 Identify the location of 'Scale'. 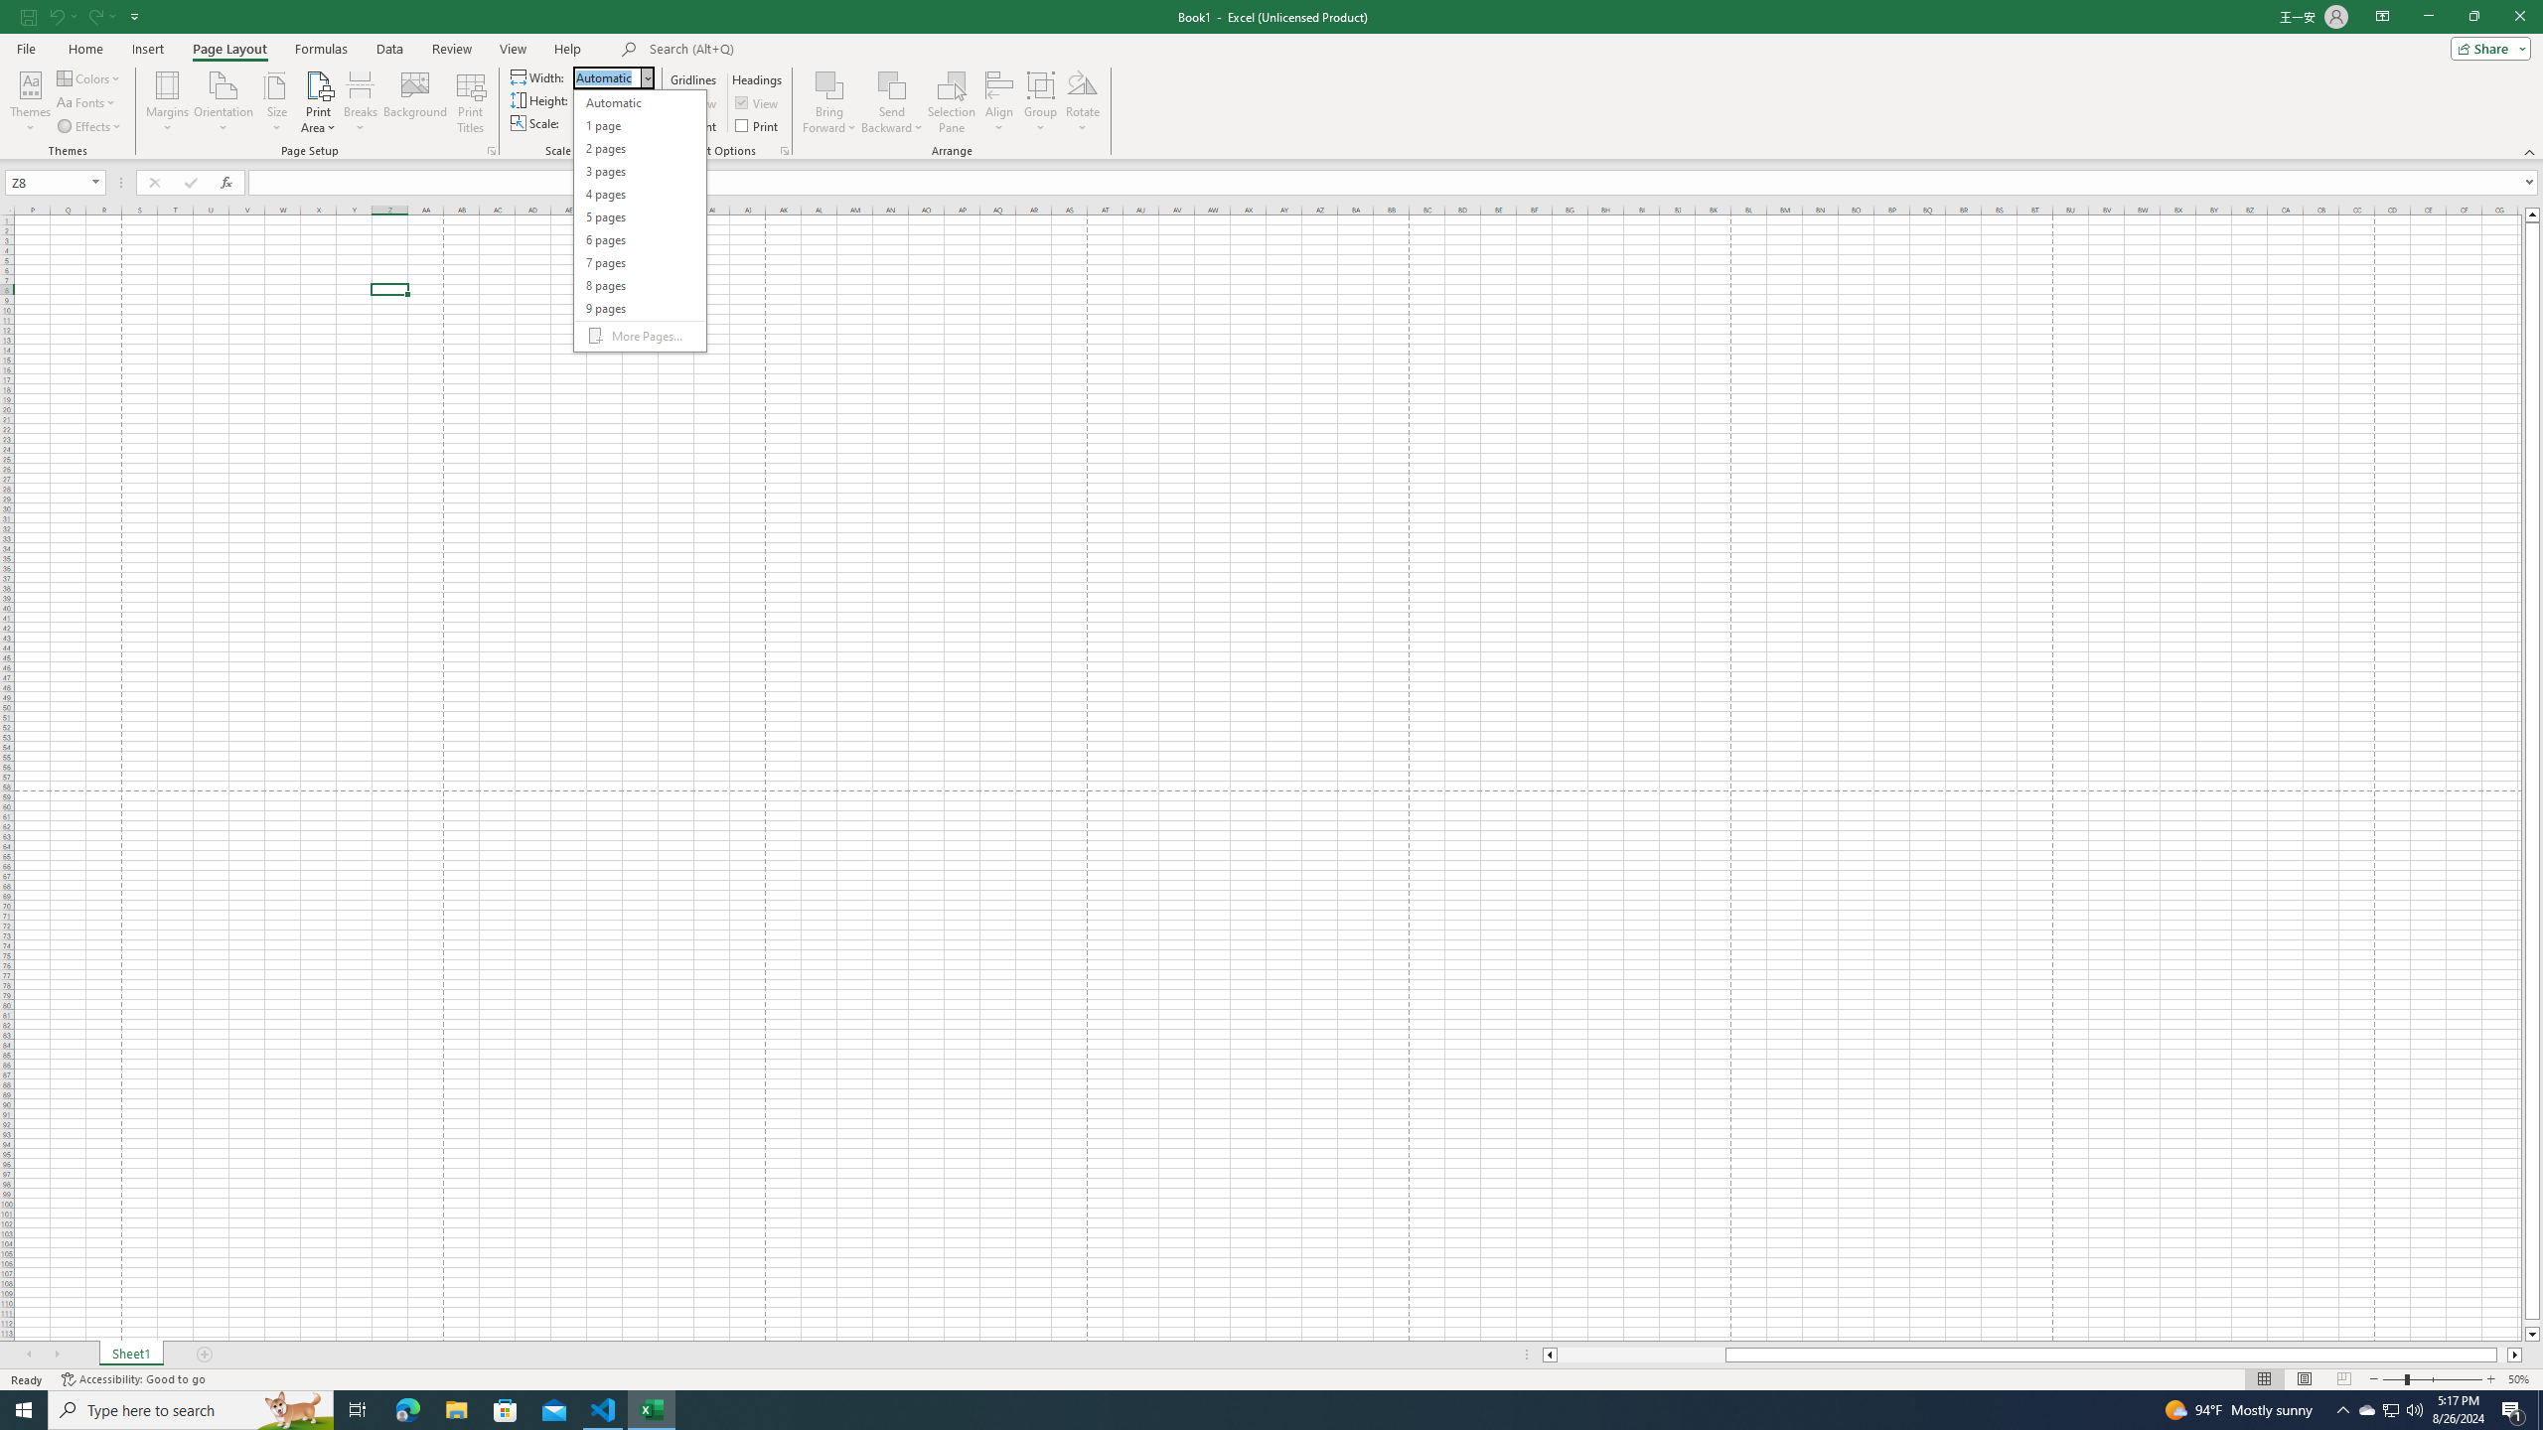
(602, 122).